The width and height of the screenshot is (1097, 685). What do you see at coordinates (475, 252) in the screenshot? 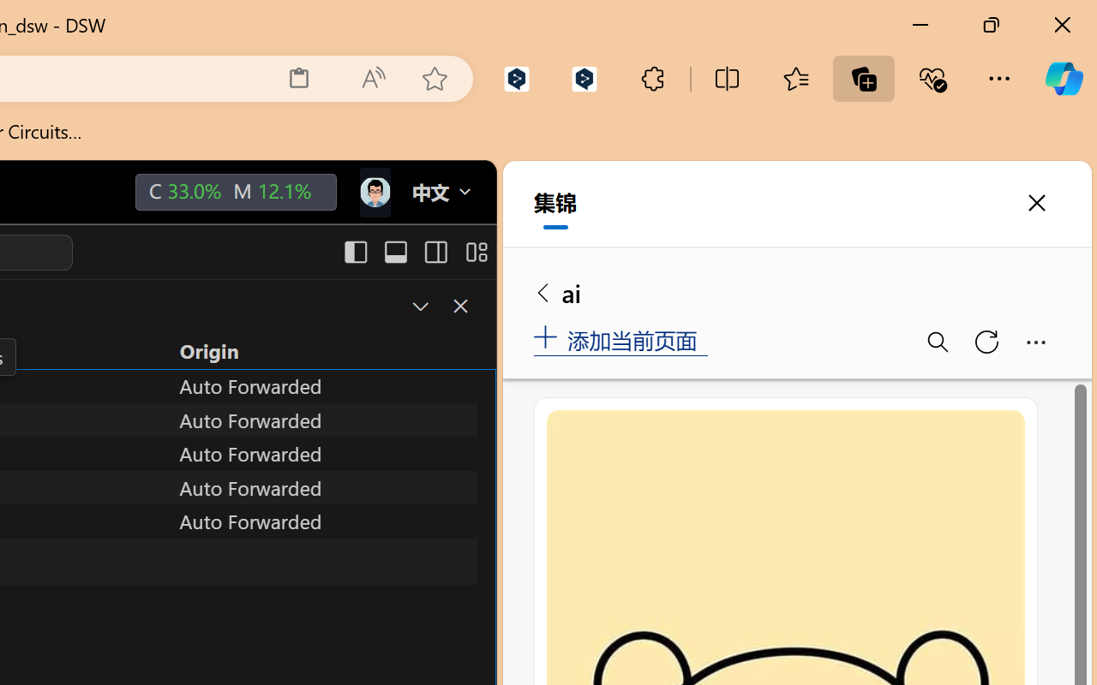
I see `'Customize Layout...'` at bounding box center [475, 252].